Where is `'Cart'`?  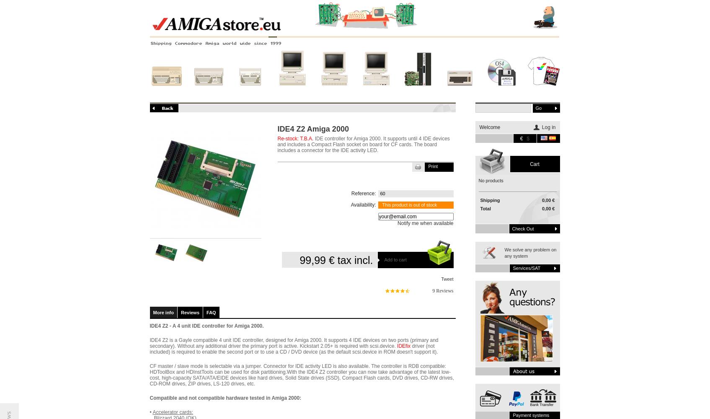
'Cart' is located at coordinates (534, 164).